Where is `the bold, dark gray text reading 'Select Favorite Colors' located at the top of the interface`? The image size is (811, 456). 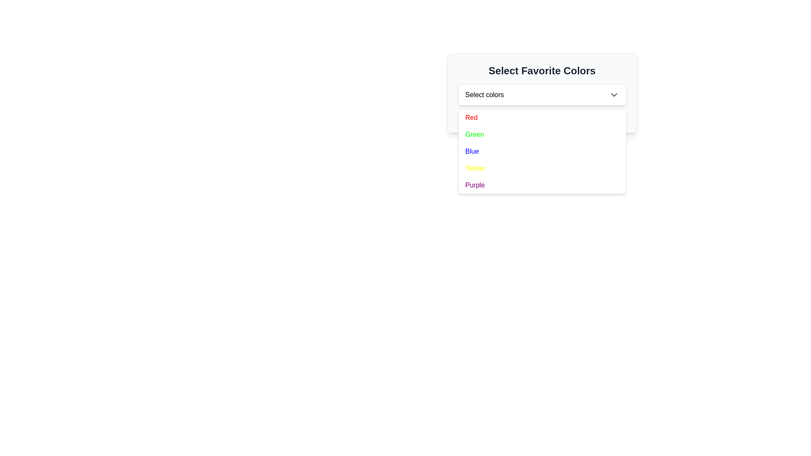
the bold, dark gray text reading 'Select Favorite Colors' located at the top of the interface is located at coordinates (542, 71).